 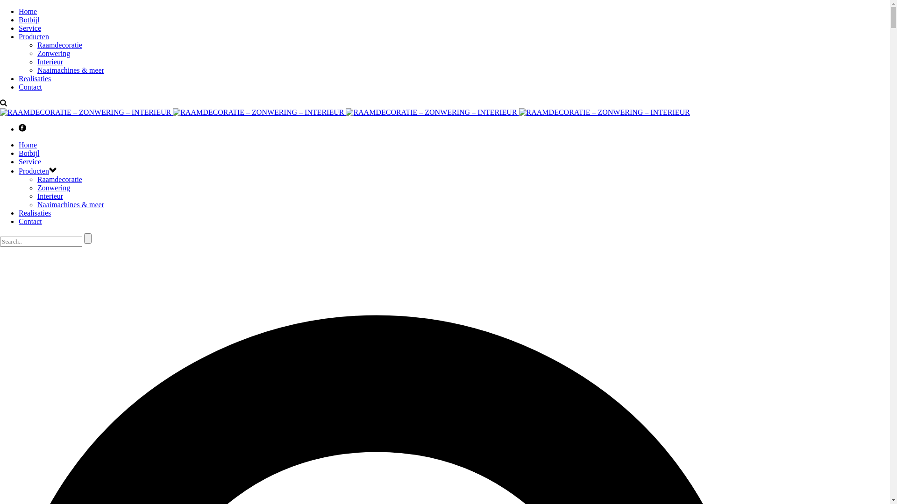 I want to click on 'Interieur', so click(x=50, y=62).